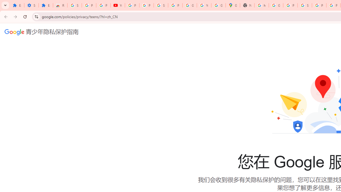 The image size is (341, 192). I want to click on 'YouTube', so click(117, 5).